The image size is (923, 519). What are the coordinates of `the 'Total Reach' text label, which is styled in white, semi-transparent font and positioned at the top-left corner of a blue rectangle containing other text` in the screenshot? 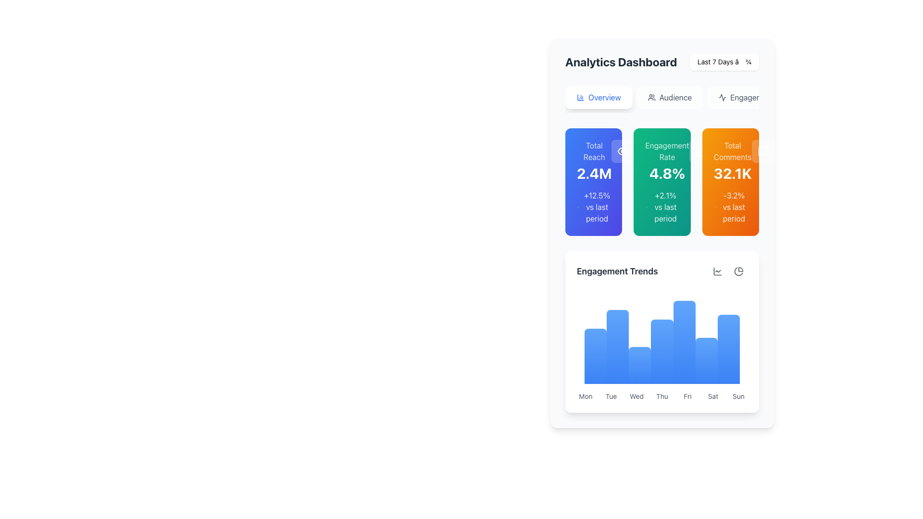 It's located at (594, 151).